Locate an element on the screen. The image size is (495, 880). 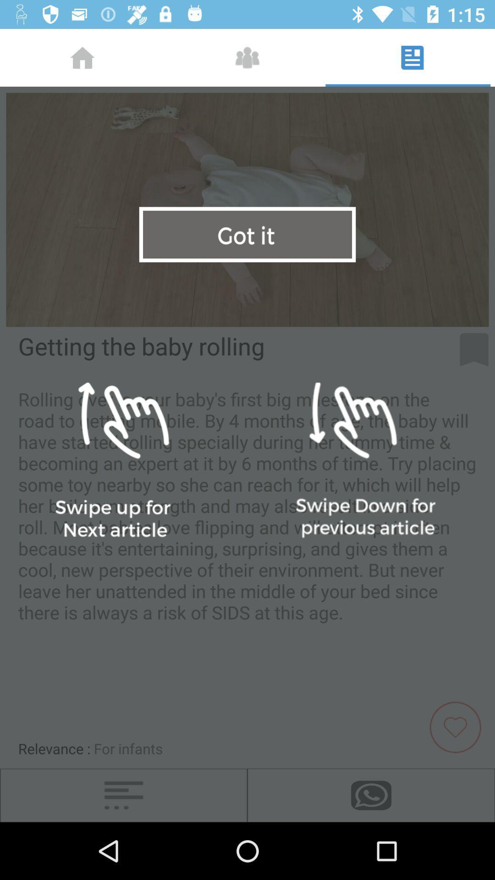
flag for later is located at coordinates (474, 349).